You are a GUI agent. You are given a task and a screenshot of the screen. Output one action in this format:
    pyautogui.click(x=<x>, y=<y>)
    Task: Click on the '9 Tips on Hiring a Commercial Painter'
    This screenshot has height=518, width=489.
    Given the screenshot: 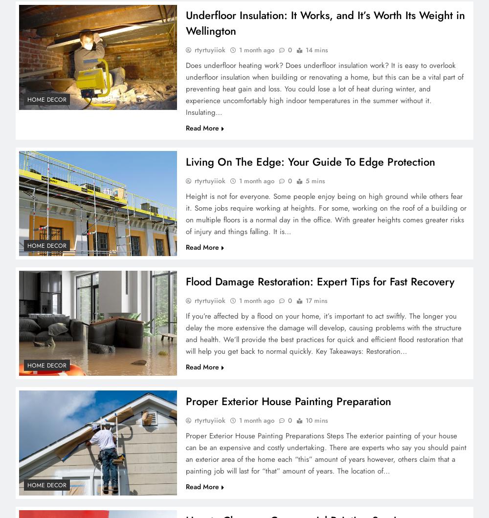 What is the action you would take?
    pyautogui.click(x=244, y=89)
    